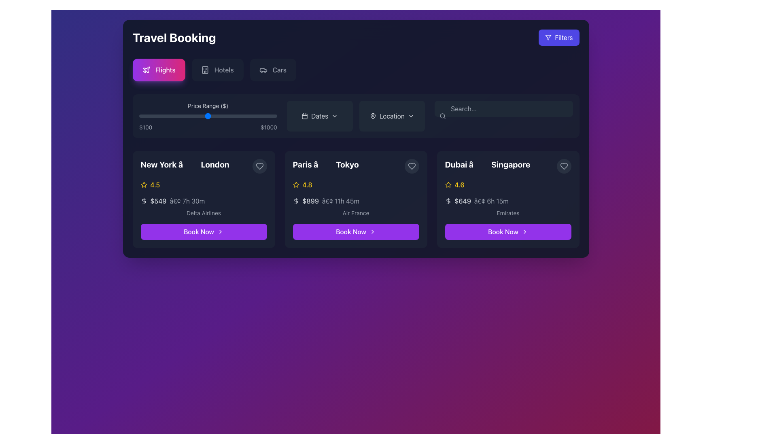 This screenshot has width=777, height=437. Describe the element at coordinates (193, 116) in the screenshot. I see `the price range` at that location.